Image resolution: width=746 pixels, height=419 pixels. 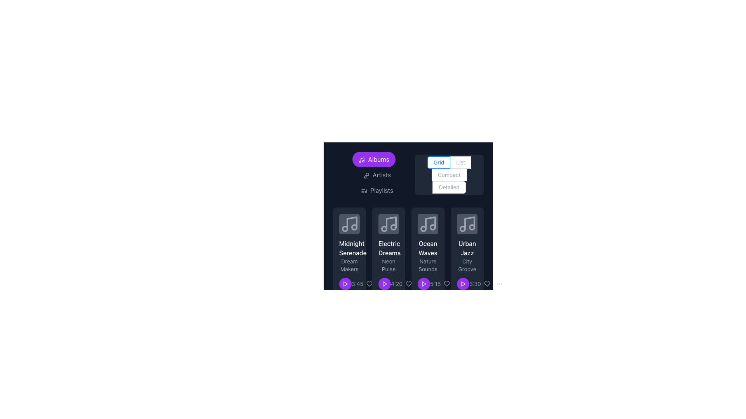 What do you see at coordinates (369, 284) in the screenshot?
I see `the heart icon, which is the third interactive button in the horizontal row beneath the 'Electric Dreams' album, to like the associated album` at bounding box center [369, 284].